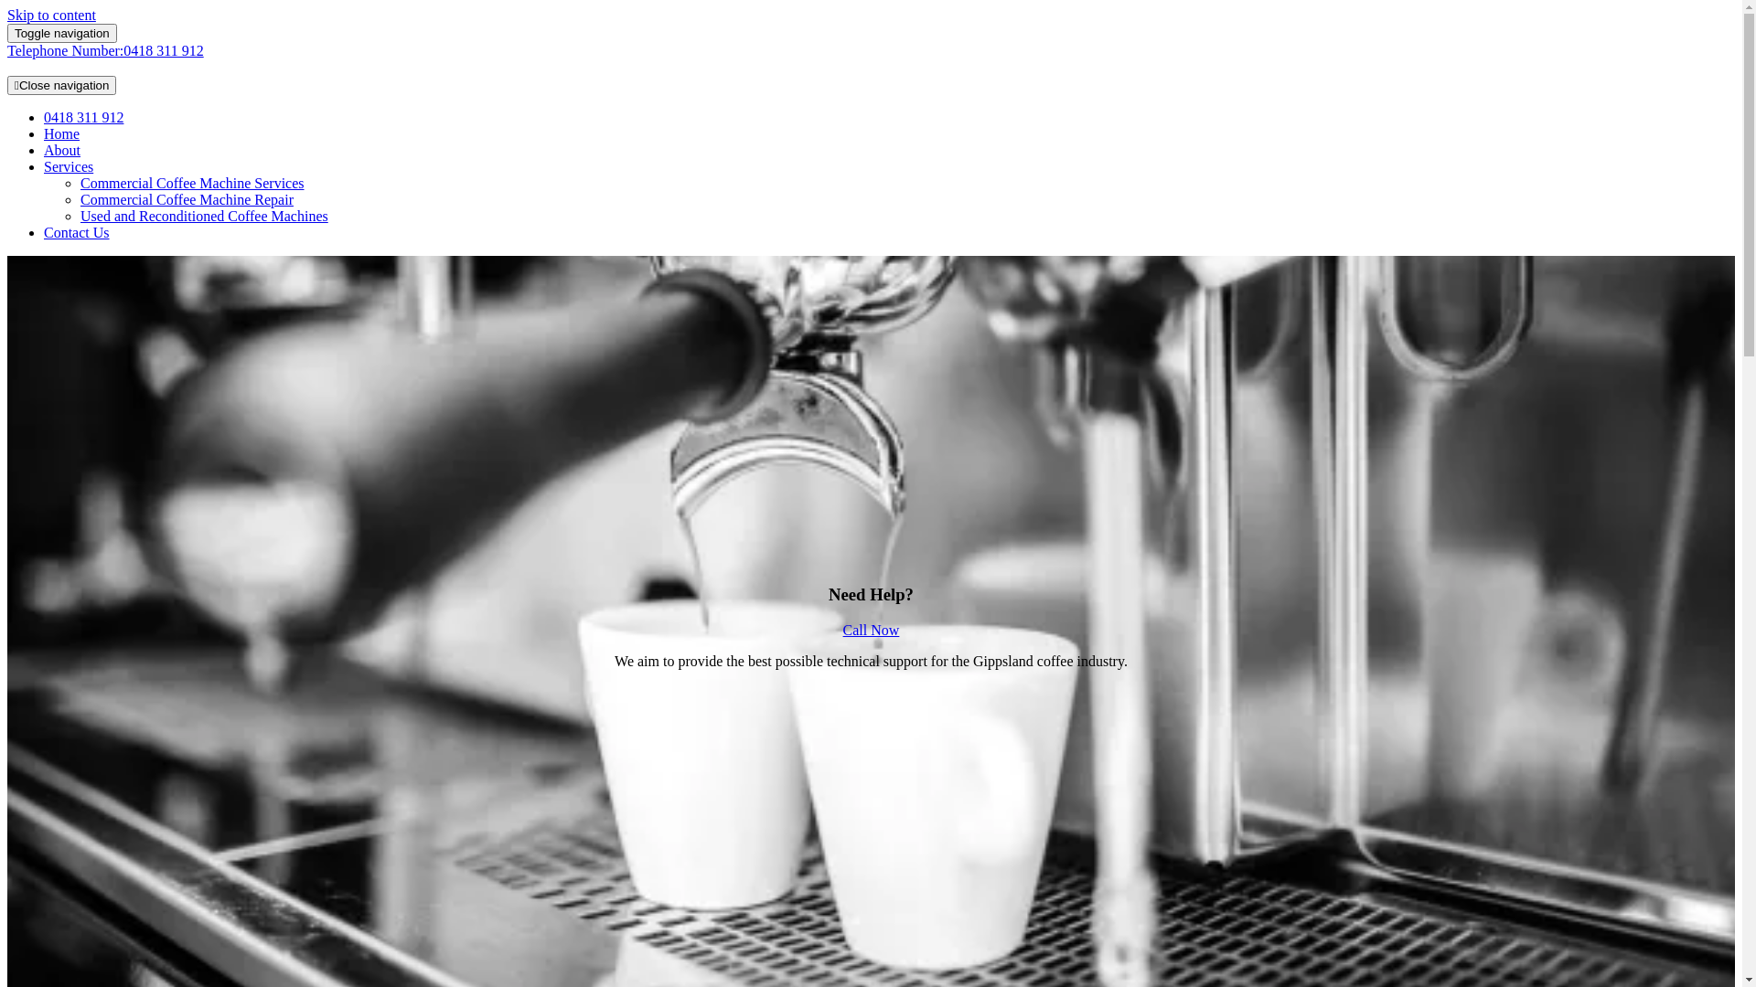 Image resolution: width=1756 pixels, height=987 pixels. I want to click on 'Telephone Number:0418 311 912', so click(104, 49).